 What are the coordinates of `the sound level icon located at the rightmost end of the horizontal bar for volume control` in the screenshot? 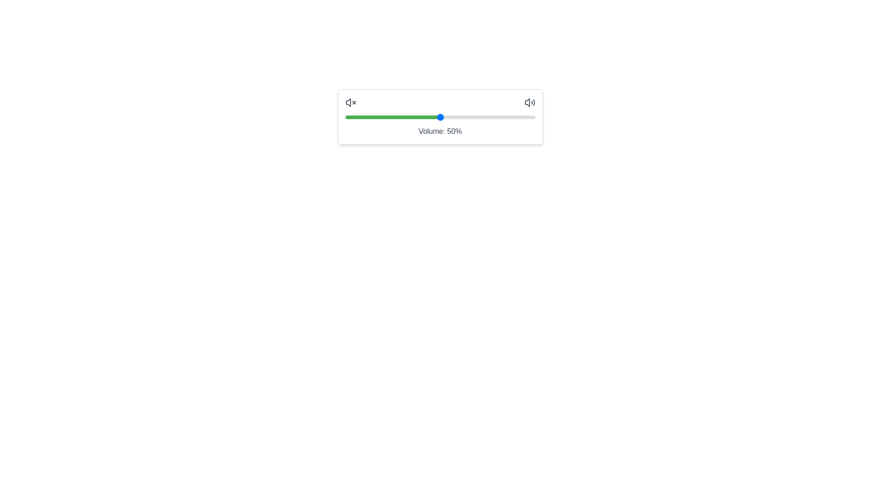 It's located at (530, 102).